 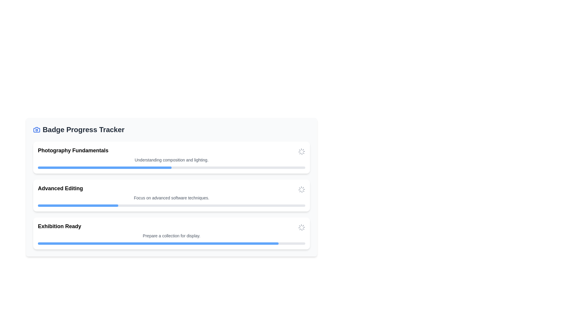 I want to click on the horizontal progress bar located in the 'Advanced Editing' section, just below the text 'Focus on advanced software techniques', so click(x=171, y=205).